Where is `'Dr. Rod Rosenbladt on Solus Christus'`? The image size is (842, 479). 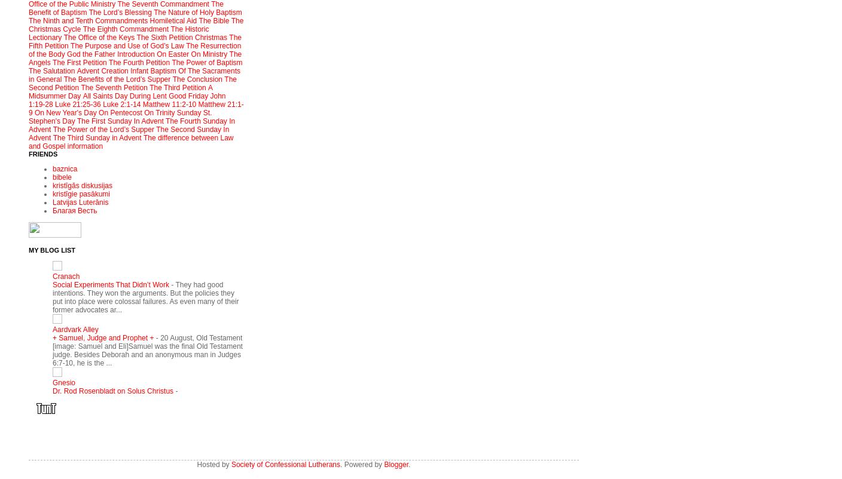 'Dr. Rod Rosenbladt on Solus Christus' is located at coordinates (113, 391).